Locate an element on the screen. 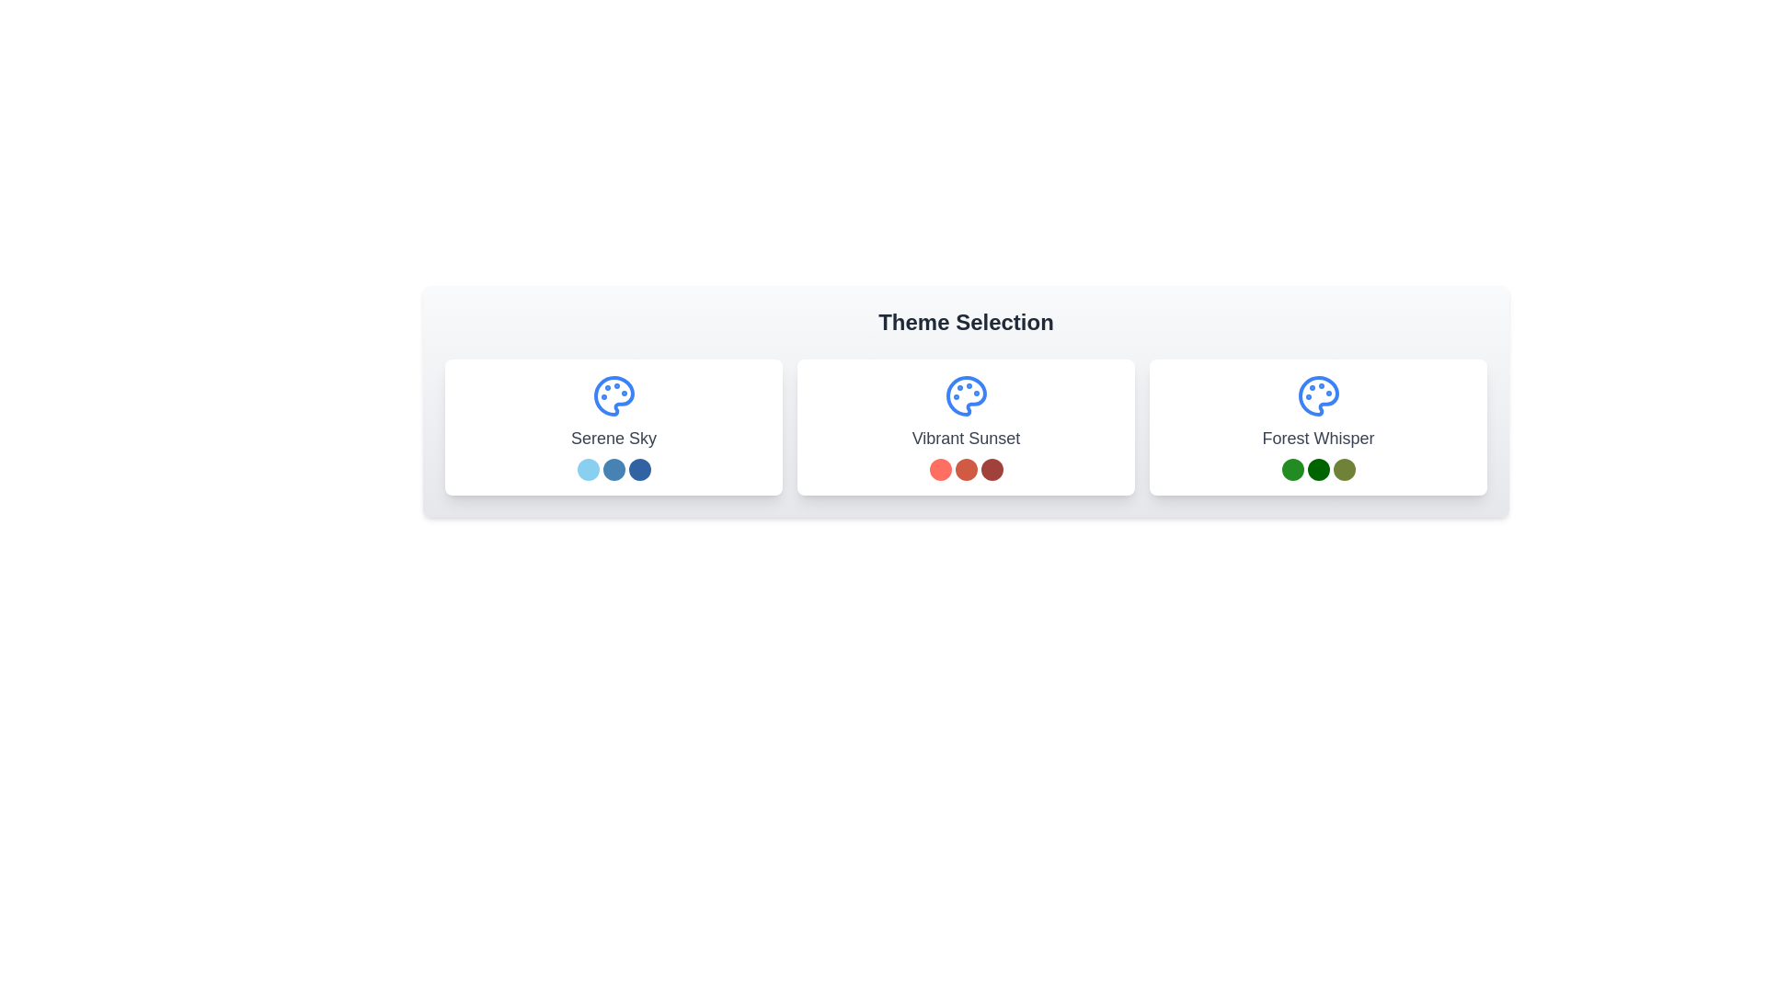 The image size is (1766, 993). the circular icon representing the 'Forest Whisper' theme selection, which is the third palette icon in the row of theme selection icons is located at coordinates (1317, 395).